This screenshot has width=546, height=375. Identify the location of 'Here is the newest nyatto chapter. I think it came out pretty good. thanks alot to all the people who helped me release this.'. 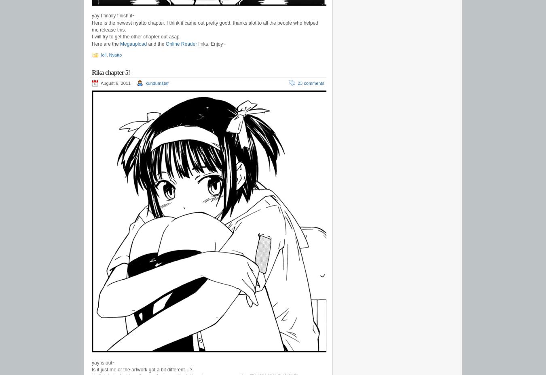
(204, 25).